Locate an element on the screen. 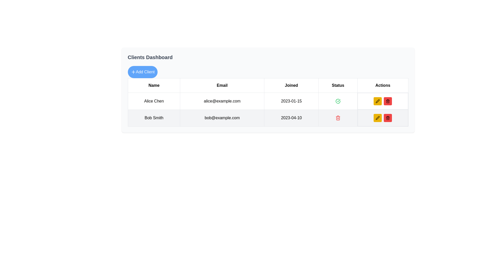  the Table Header Cell labeled 'Actions', which is the fifth column header in the table, located at the top-right side of the table is located at coordinates (383, 85).